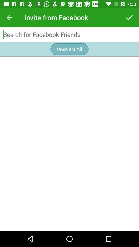 The width and height of the screenshot is (139, 247). I want to click on the app to the right of the invite from facebook icon, so click(129, 17).